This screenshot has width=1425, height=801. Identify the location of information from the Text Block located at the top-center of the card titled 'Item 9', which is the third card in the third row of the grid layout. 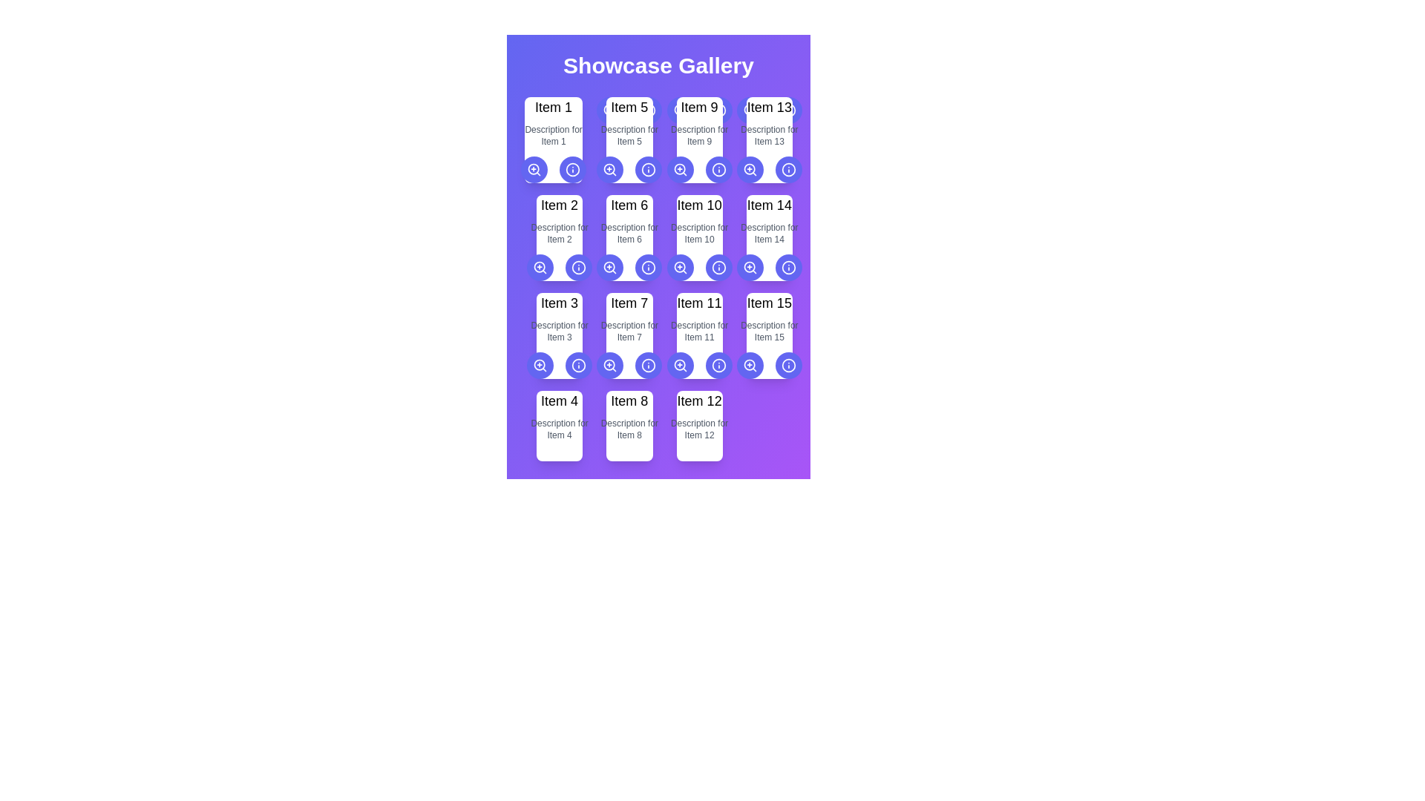
(698, 140).